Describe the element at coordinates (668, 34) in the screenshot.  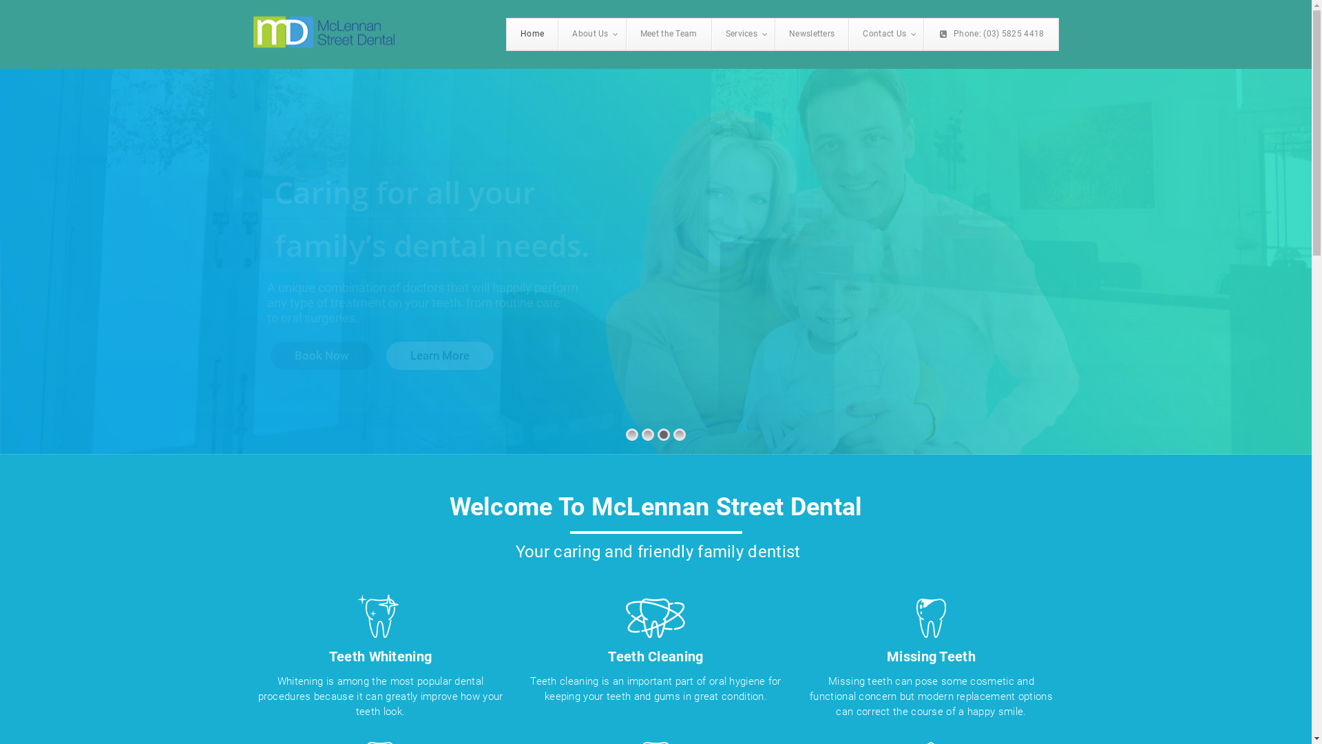
I see `'Meet the Team'` at that location.